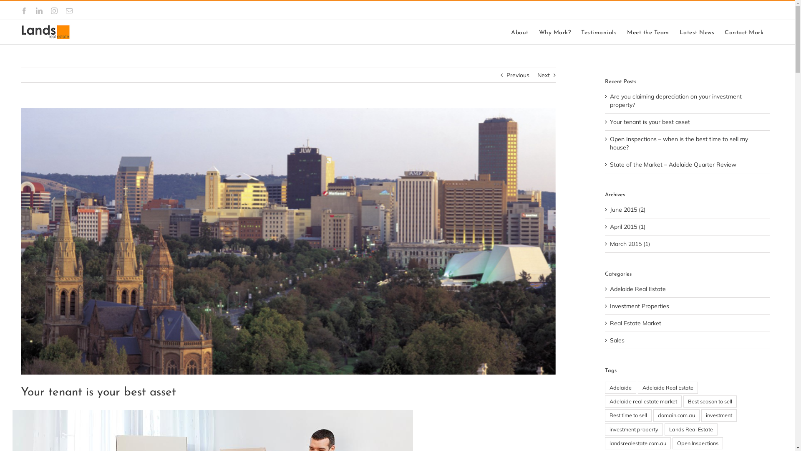 The height and width of the screenshot is (451, 801). I want to click on 'Instagram', so click(53, 11).